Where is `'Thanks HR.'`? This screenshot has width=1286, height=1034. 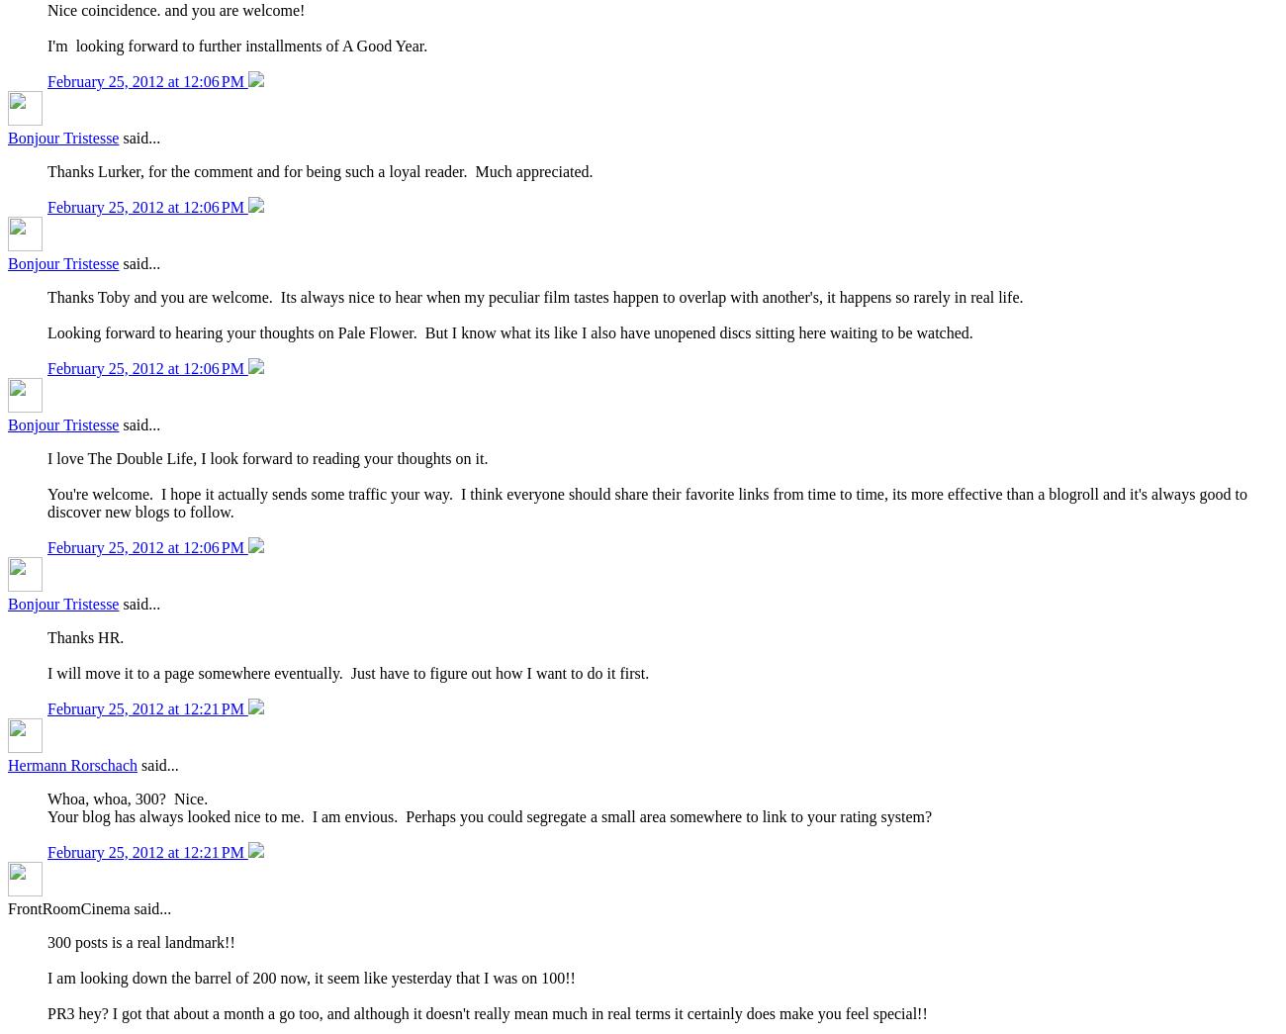 'Thanks HR.' is located at coordinates (87, 637).